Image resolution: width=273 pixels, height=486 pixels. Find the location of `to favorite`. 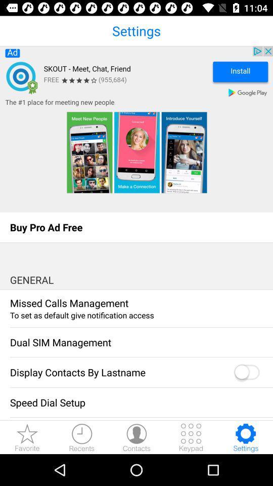

to favorite is located at coordinates (27, 437).